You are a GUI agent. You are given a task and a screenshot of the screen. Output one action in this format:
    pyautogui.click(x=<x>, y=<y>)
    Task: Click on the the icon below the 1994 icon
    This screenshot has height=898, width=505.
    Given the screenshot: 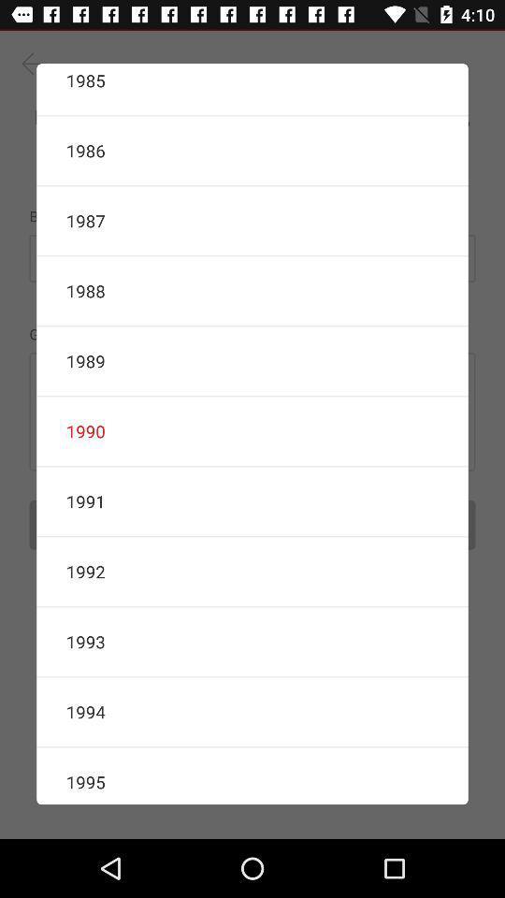 What is the action you would take?
    pyautogui.click(x=252, y=775)
    